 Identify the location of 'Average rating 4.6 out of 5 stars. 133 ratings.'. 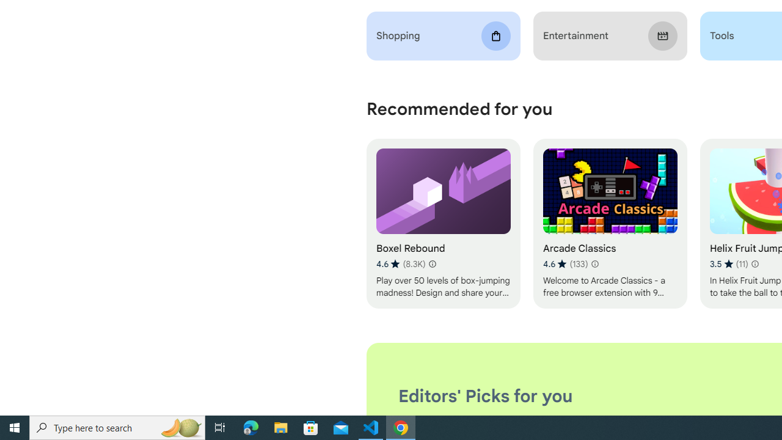
(565, 263).